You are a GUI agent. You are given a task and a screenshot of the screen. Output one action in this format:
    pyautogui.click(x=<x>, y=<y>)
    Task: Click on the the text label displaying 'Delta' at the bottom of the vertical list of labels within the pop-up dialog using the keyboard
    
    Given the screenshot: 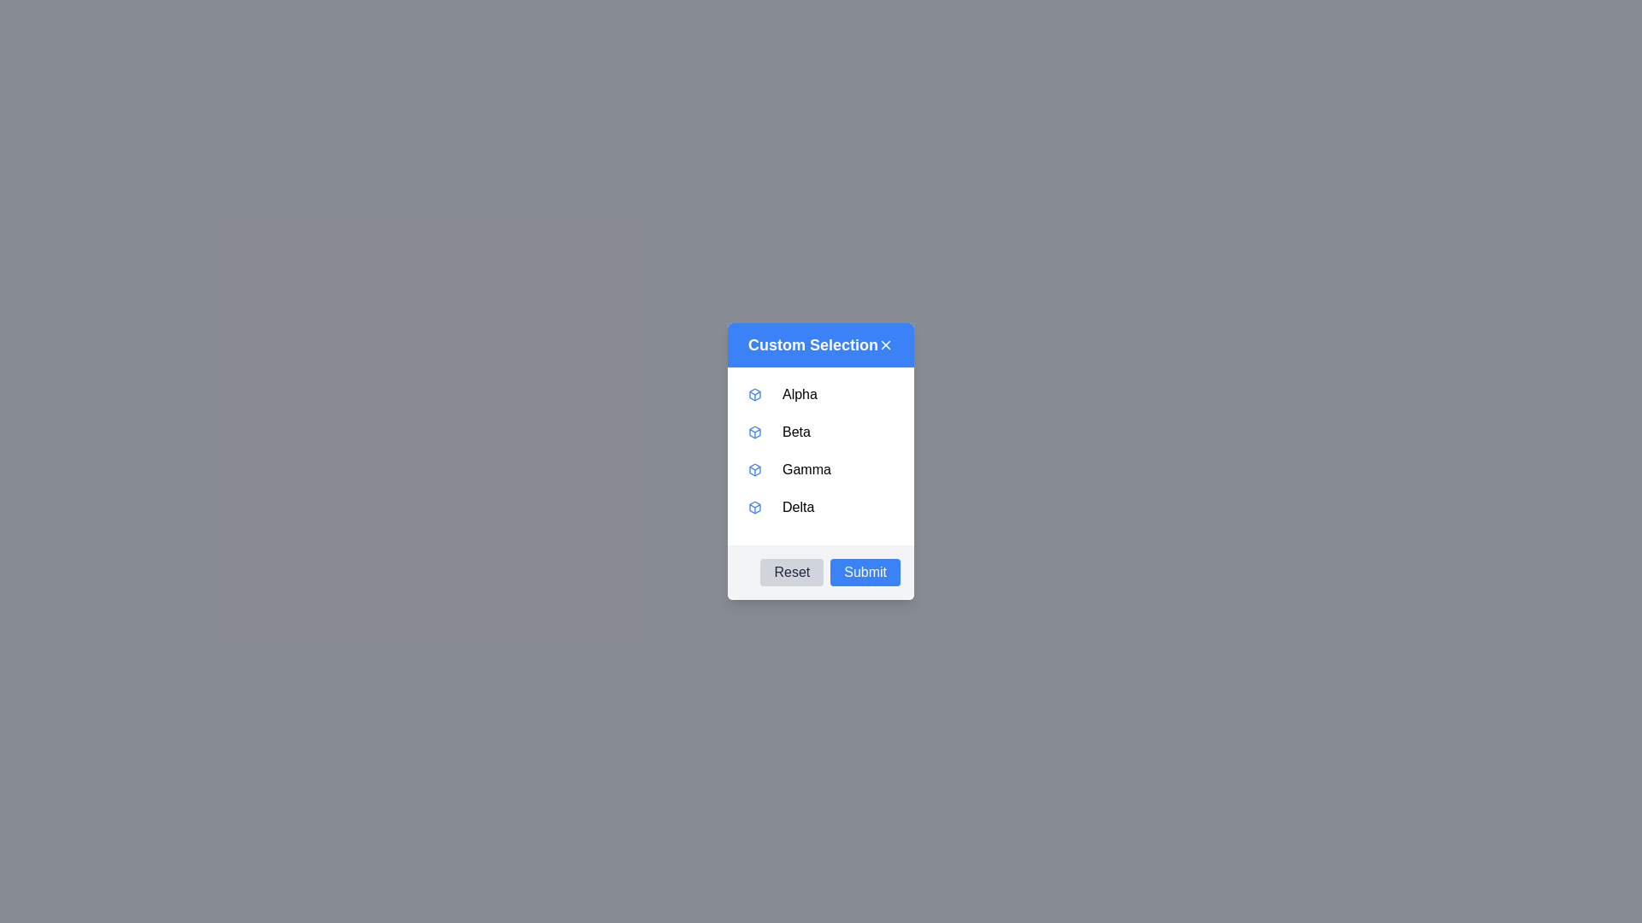 What is the action you would take?
    pyautogui.click(x=797, y=507)
    